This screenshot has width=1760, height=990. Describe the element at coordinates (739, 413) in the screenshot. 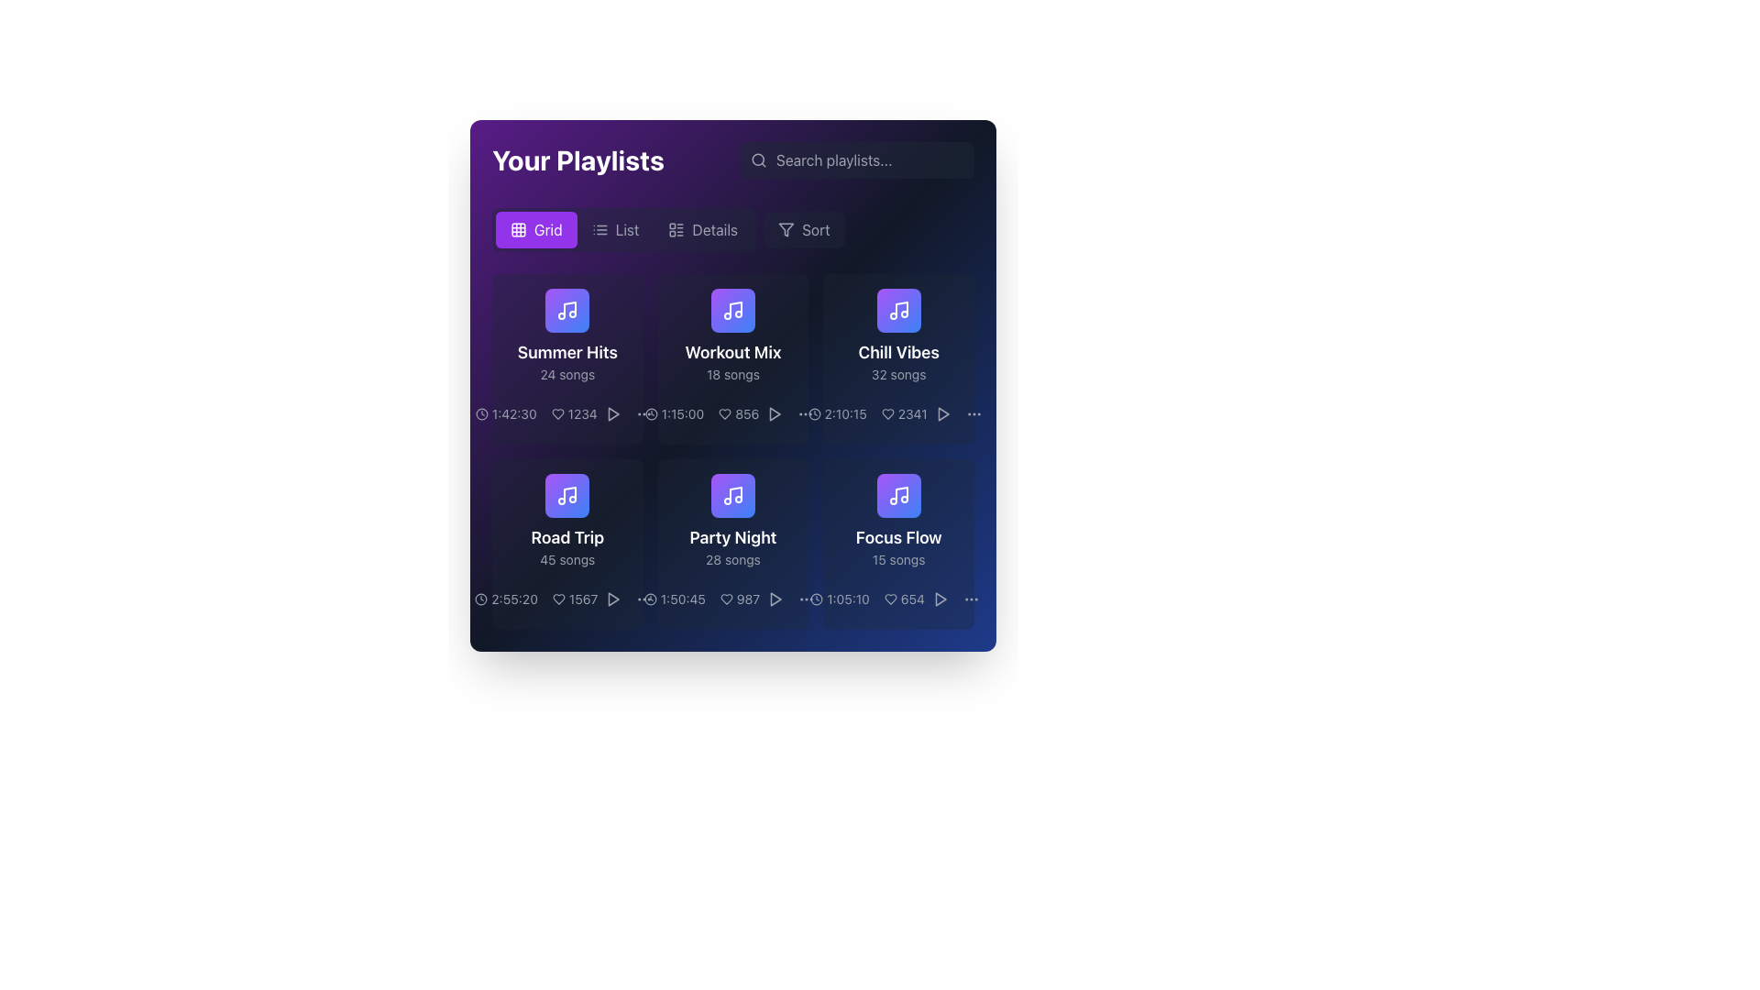

I see `the engagement count text element located within the 'Workout Mix' tile in the playlist grid, positioned below the main title and icon, adjacent to the text '1:15:00' on the left and above the play button on the right` at that location.